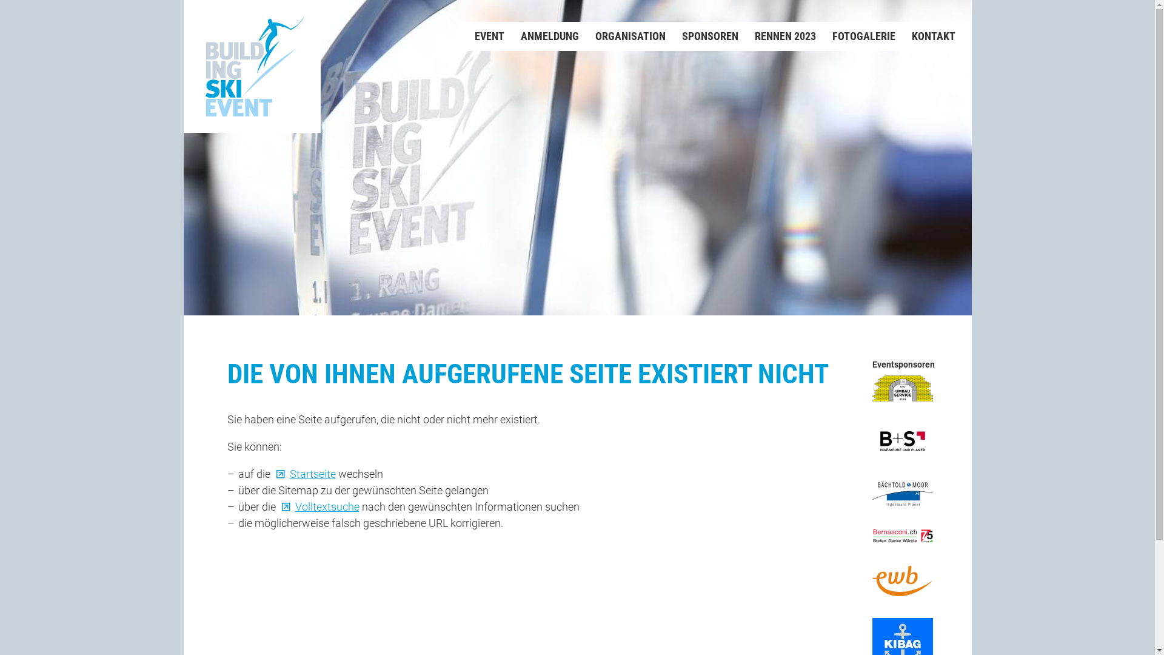 The height and width of the screenshot is (655, 1164). I want to click on 'EVENT', so click(480, 36).